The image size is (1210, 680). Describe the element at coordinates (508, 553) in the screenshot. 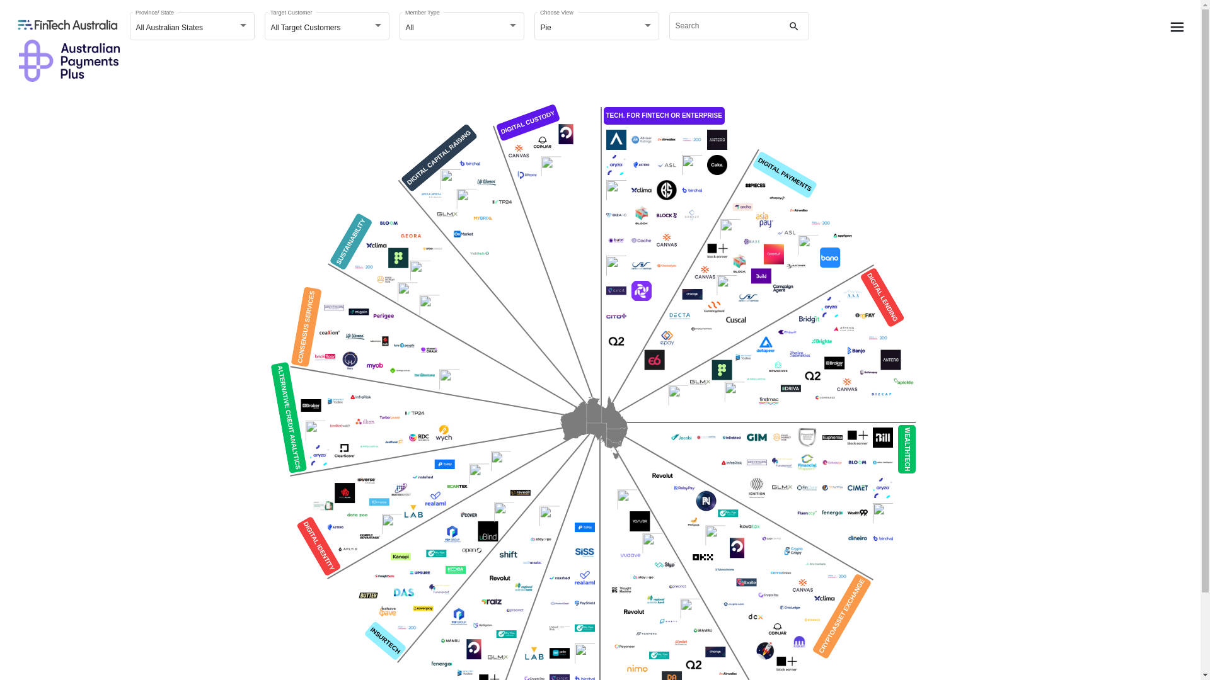

I see `'Shift Financial Pty Ltd'` at that location.